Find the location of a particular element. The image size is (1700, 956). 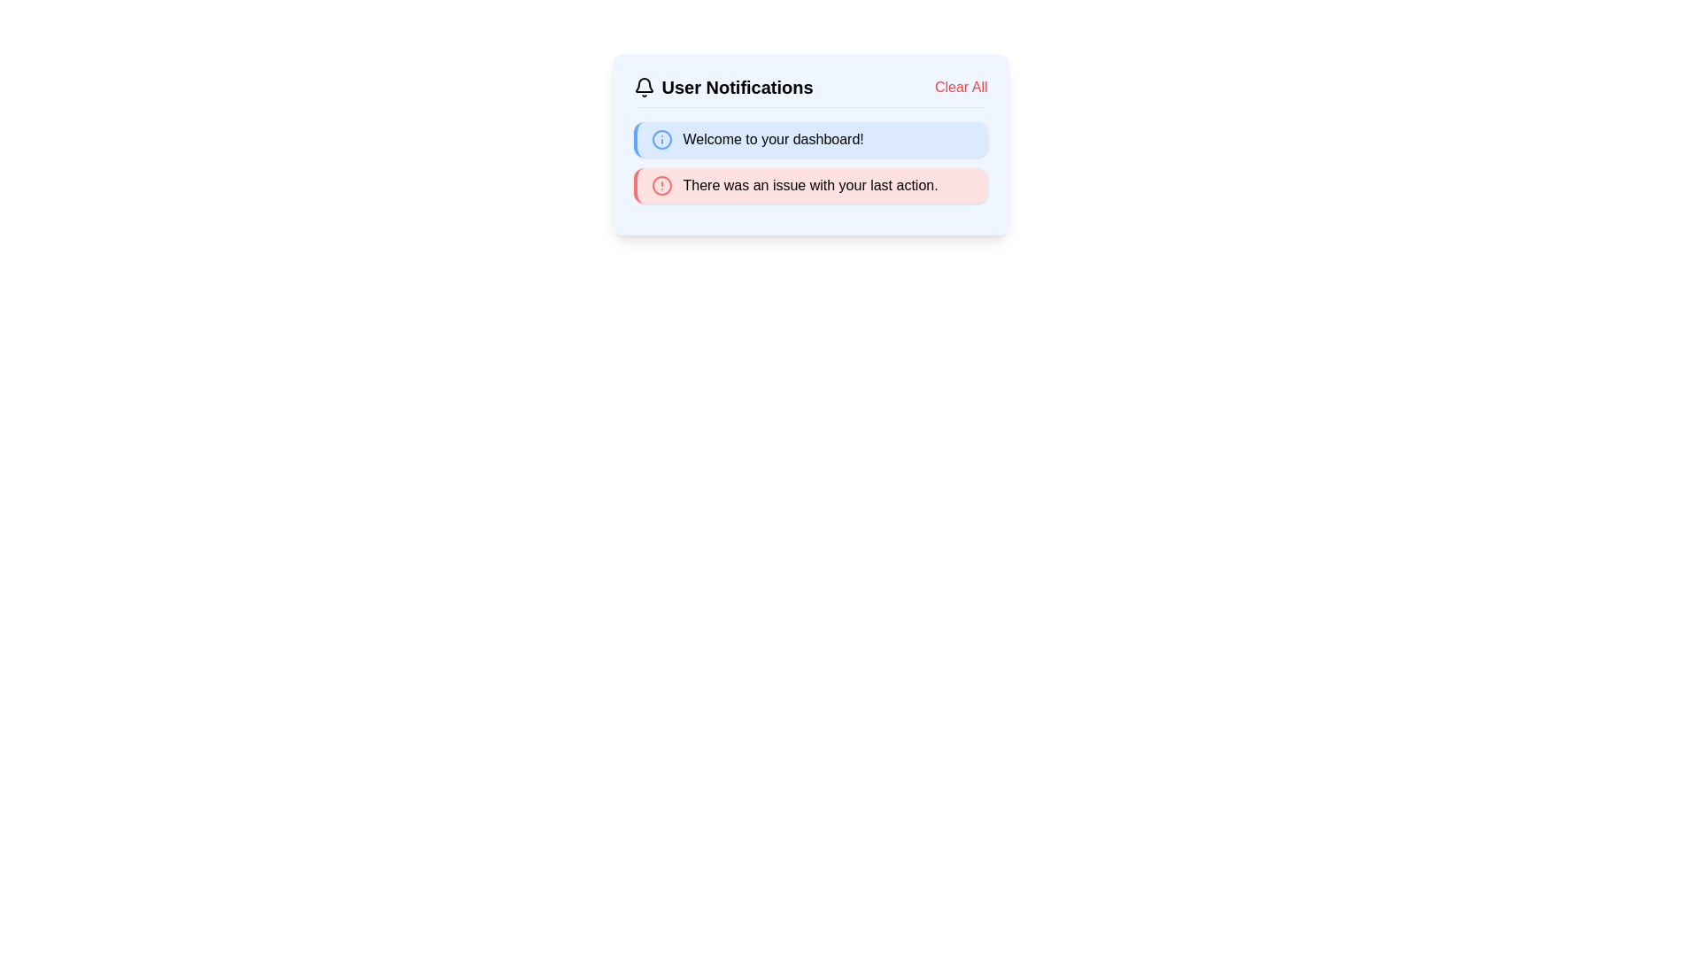

the visual representation of the bell icon associated with notifications, located to the left of the 'User Notifications' text in the notification panel is located at coordinates (643, 85).